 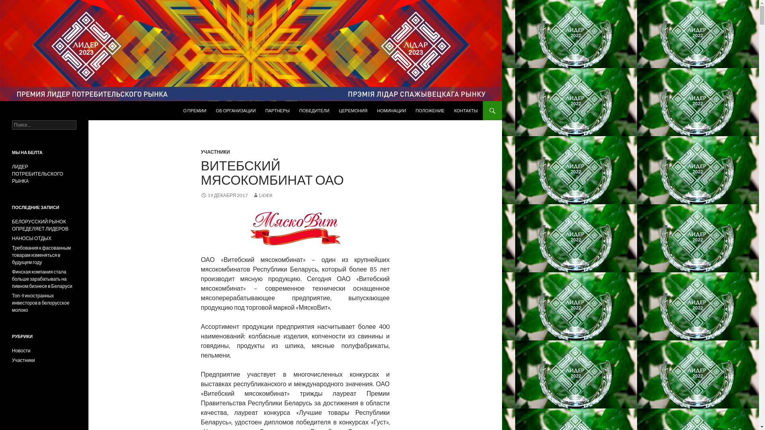 I want to click on 'LIDER', so click(x=262, y=195).